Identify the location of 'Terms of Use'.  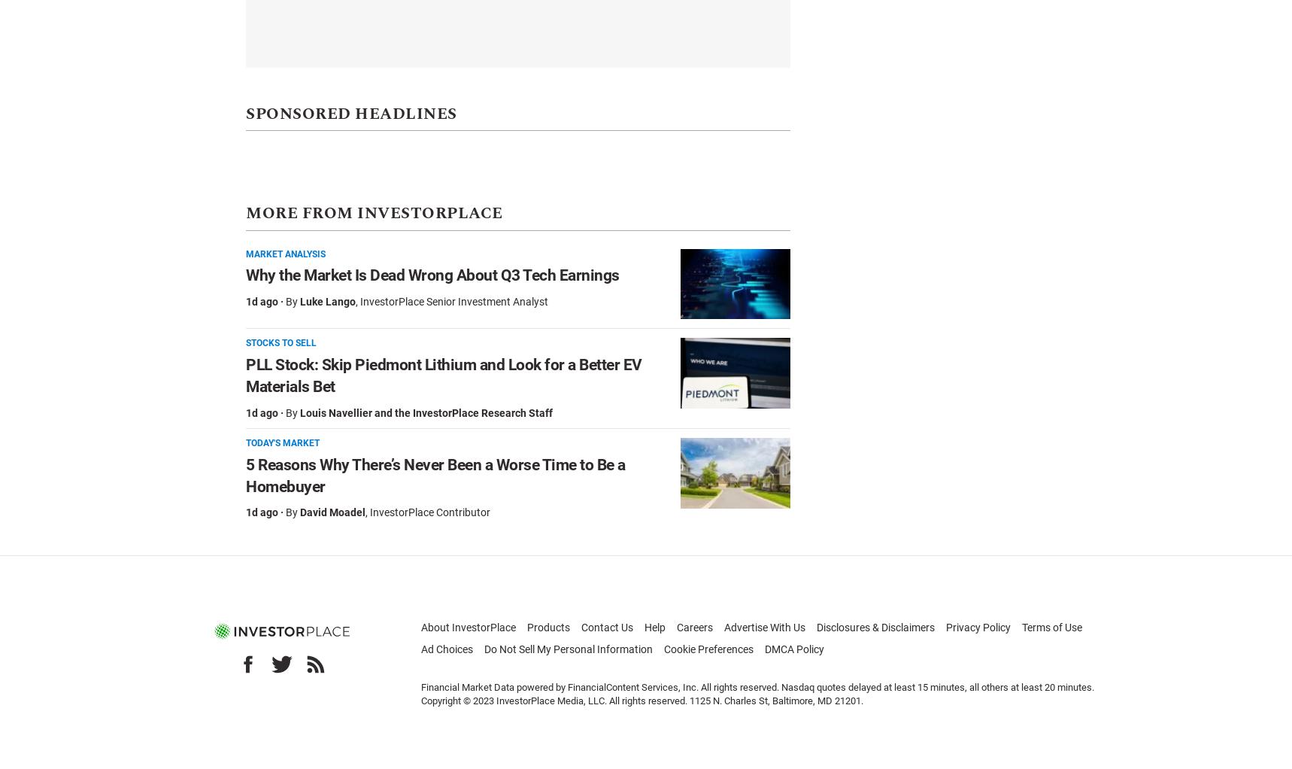
(1051, 626).